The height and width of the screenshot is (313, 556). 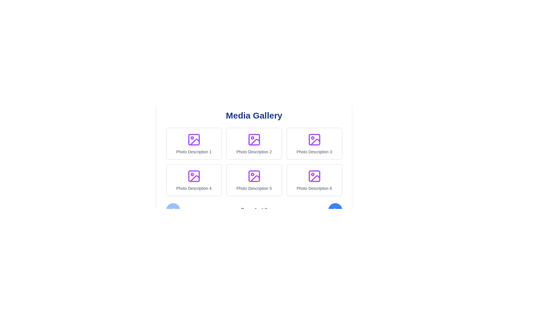 I want to click on the arrow-shaped chevron icon located at the bottom-right corner of the interface, which is styled with a thin outline and part of an SVG graphic, so click(x=335, y=210).